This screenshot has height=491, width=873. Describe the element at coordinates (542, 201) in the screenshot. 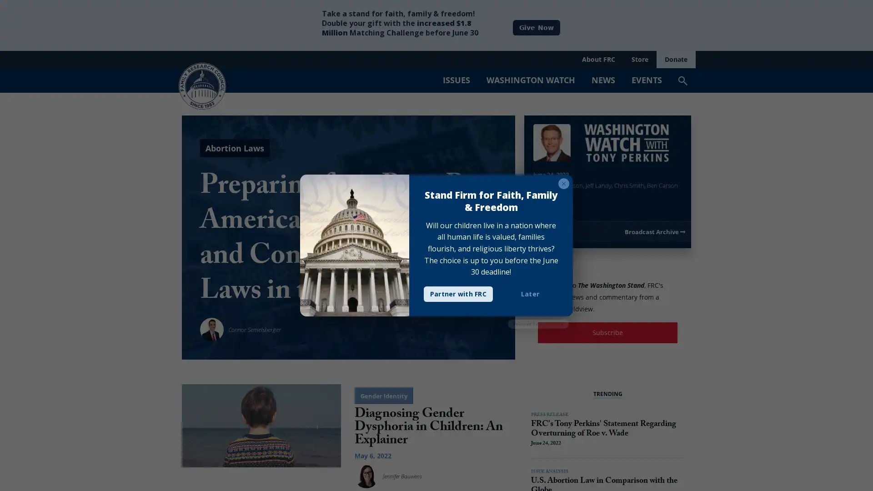

I see `Play Video` at that location.